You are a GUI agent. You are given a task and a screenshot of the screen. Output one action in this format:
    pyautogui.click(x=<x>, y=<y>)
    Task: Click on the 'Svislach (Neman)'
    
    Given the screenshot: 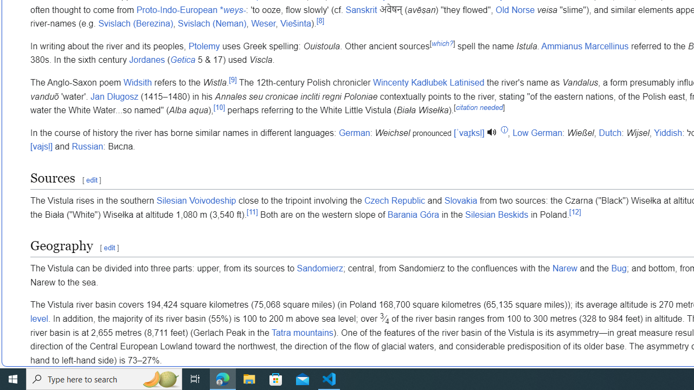 What is the action you would take?
    pyautogui.click(x=212, y=24)
    